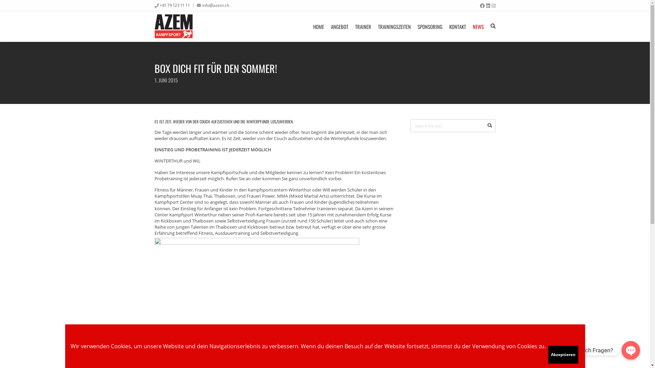 The height and width of the screenshot is (368, 655). I want to click on 'HOME', so click(318, 26).